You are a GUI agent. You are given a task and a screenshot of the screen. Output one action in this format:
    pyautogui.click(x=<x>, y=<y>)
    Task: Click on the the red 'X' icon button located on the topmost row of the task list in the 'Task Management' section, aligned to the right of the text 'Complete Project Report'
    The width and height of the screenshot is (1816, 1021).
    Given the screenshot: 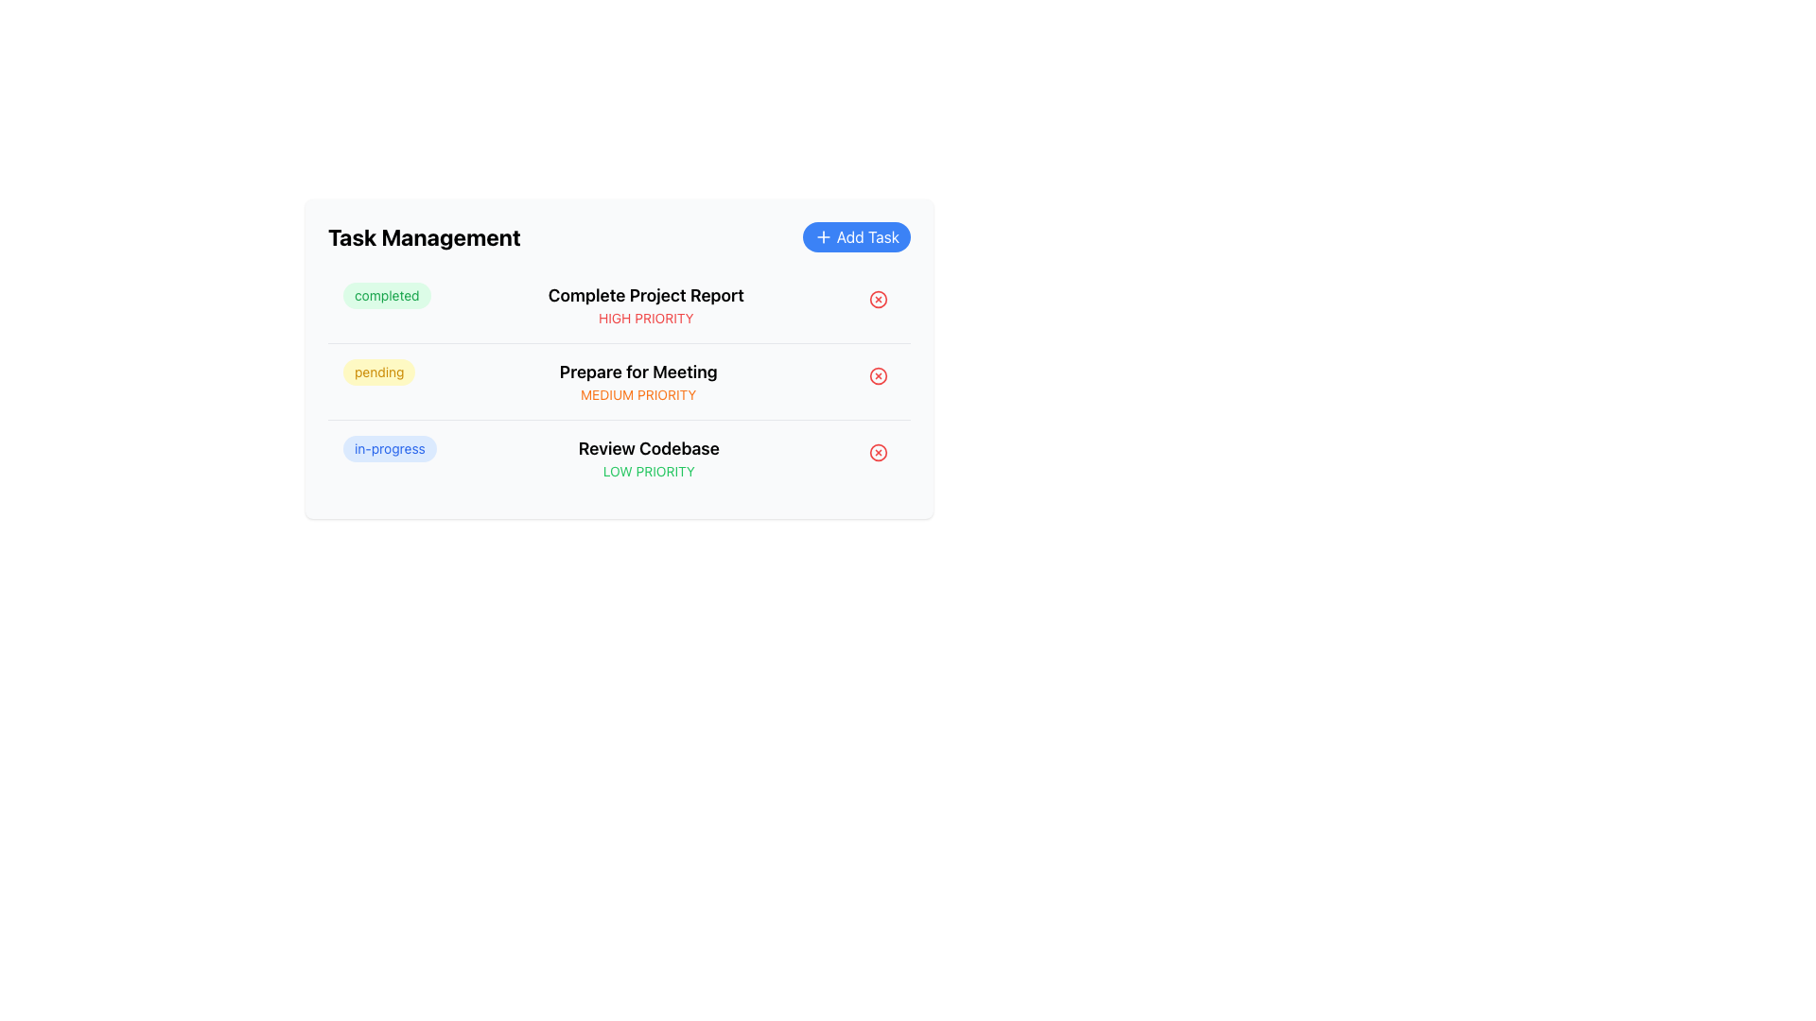 What is the action you would take?
    pyautogui.click(x=878, y=298)
    